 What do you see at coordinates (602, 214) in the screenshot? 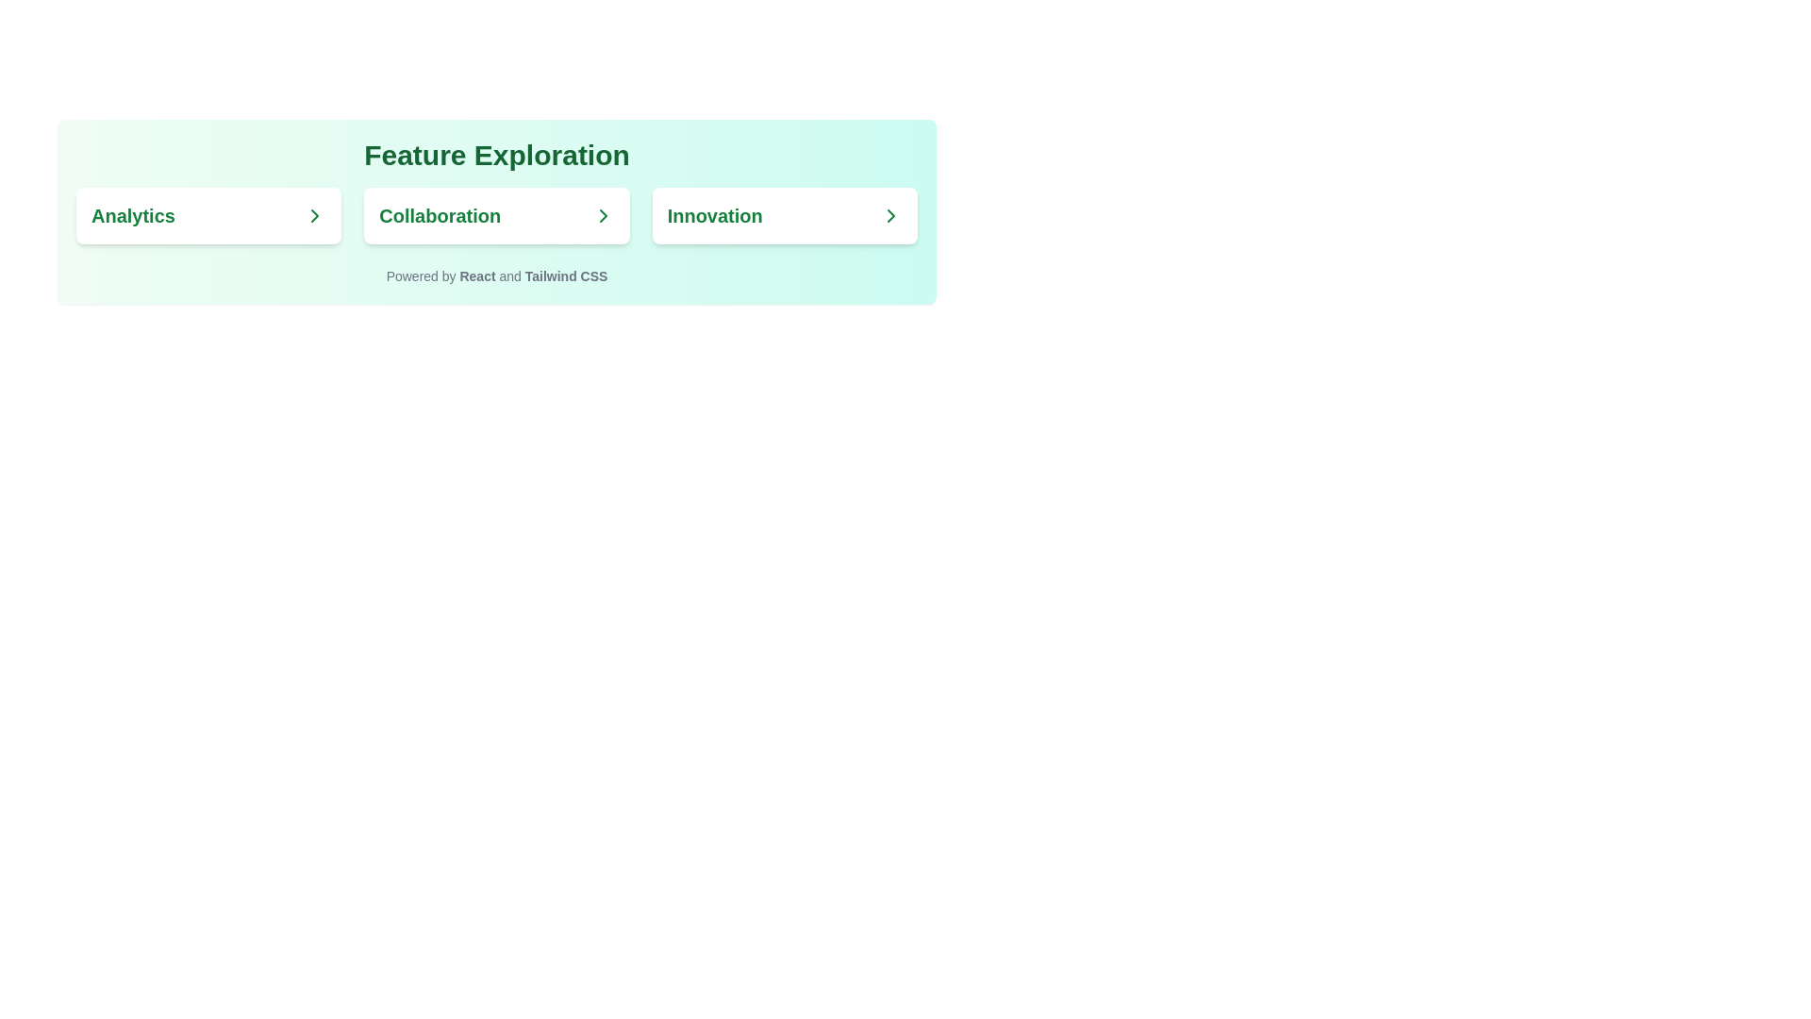
I see `the right-pointing green chevron icon located in the 'Collaboration' section of the 'Feature Exploration' menu` at bounding box center [602, 214].